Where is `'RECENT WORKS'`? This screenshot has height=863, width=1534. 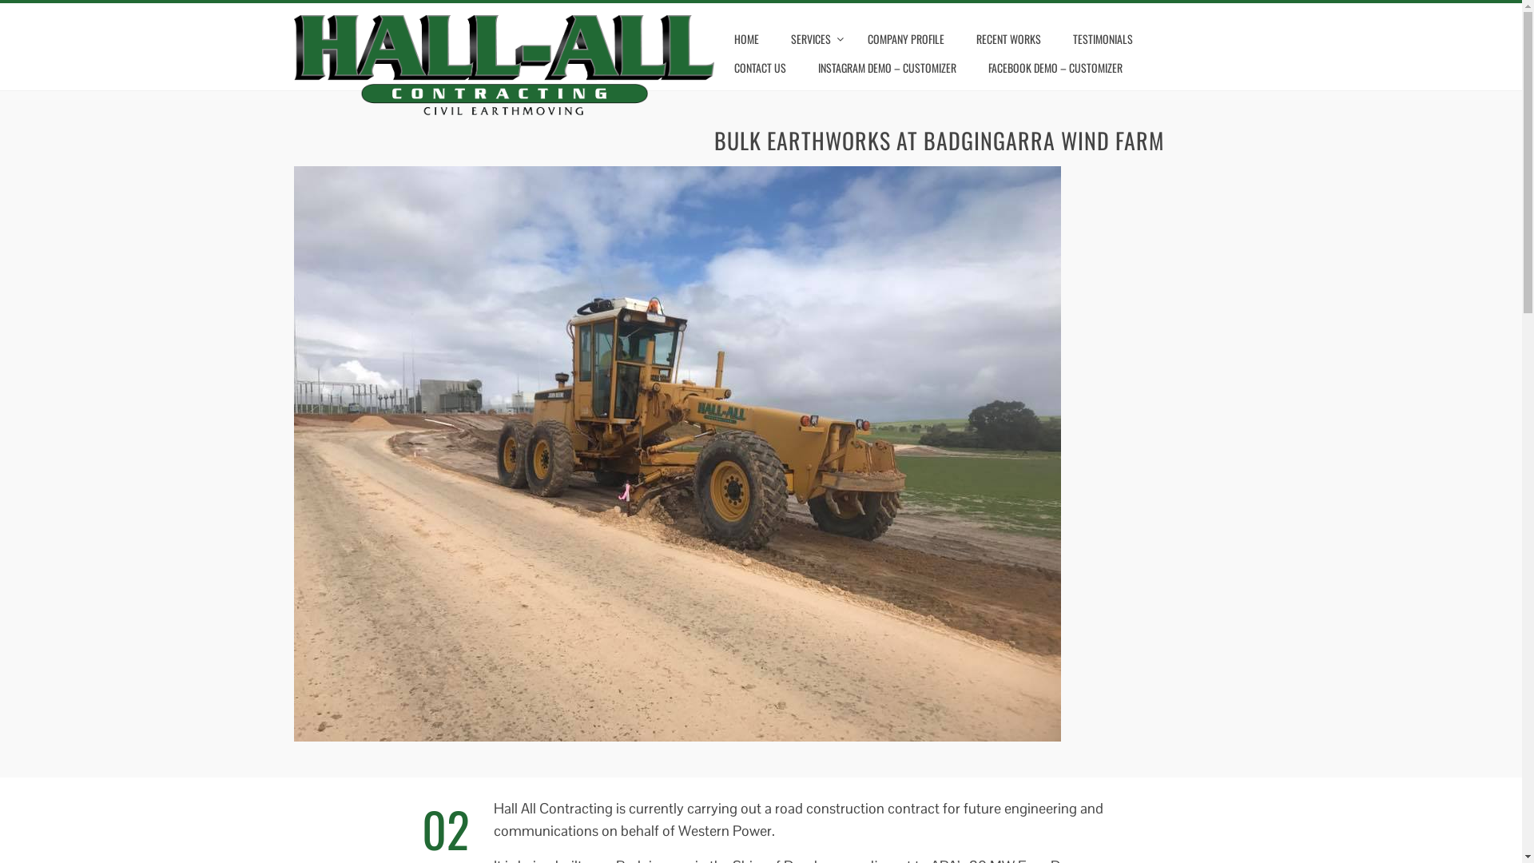
'RECENT WORKS' is located at coordinates (1007, 38).